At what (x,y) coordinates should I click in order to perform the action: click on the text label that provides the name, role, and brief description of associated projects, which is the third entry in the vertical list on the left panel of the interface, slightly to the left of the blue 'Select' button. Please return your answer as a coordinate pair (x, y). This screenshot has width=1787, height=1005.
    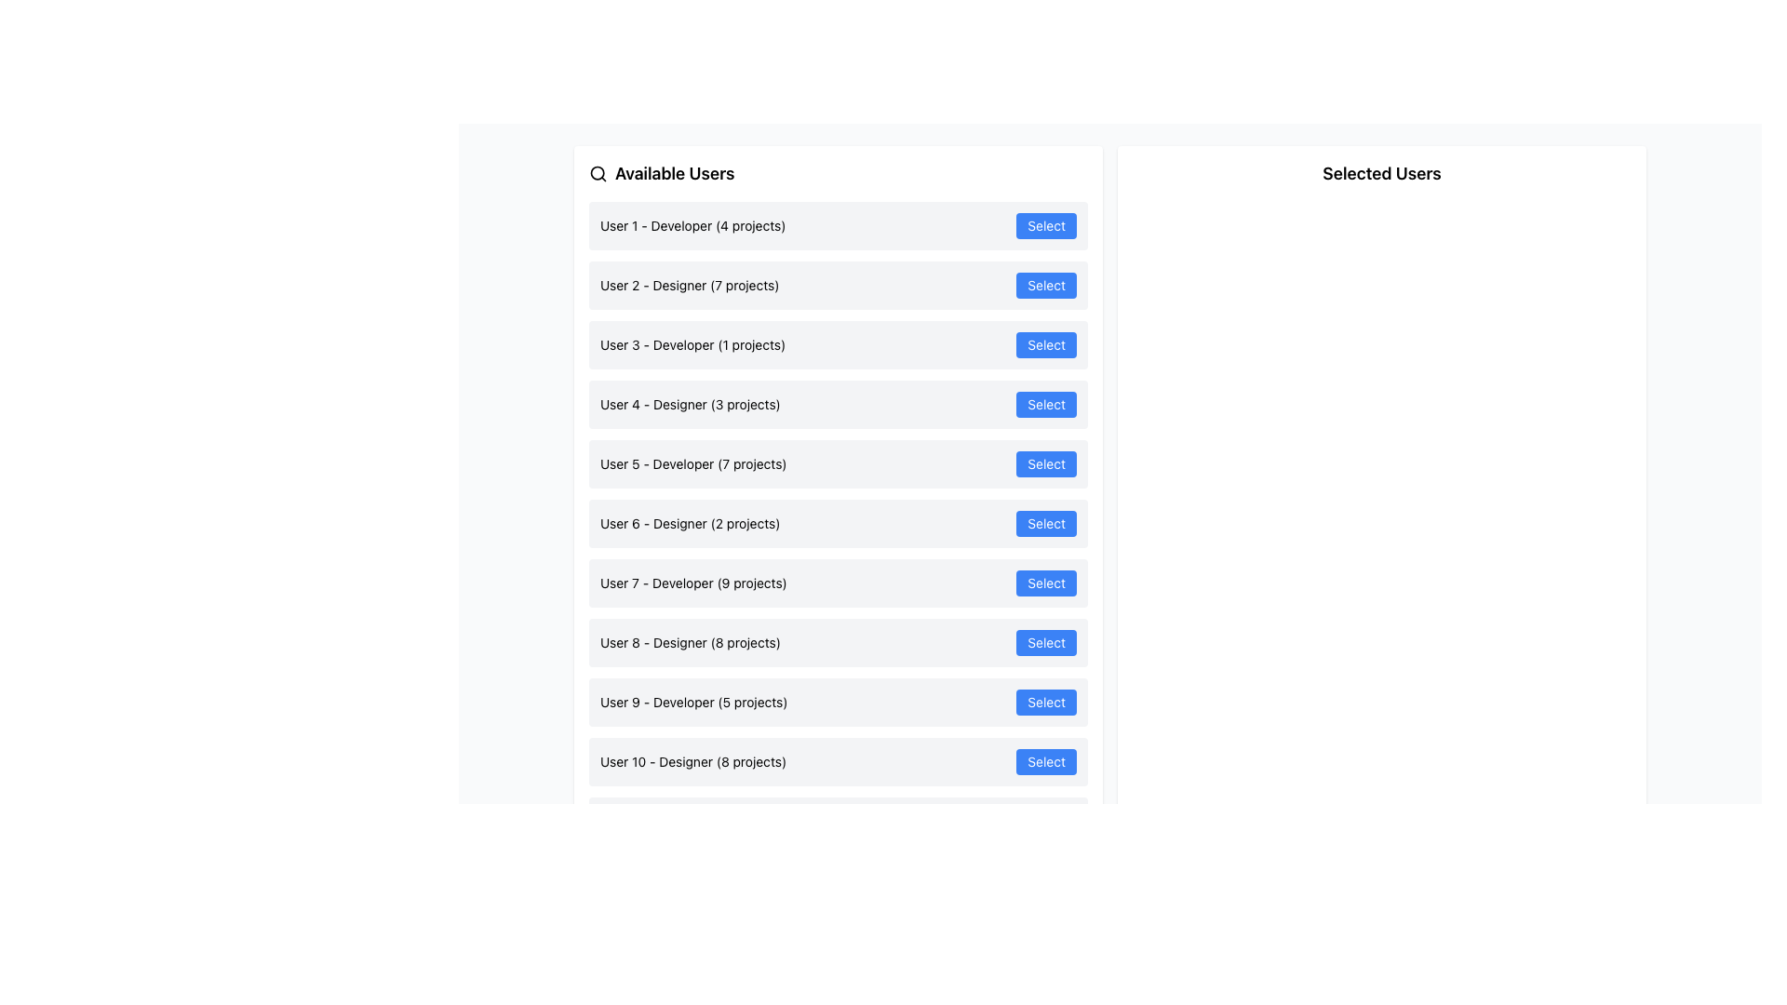
    Looking at the image, I should click on (692, 344).